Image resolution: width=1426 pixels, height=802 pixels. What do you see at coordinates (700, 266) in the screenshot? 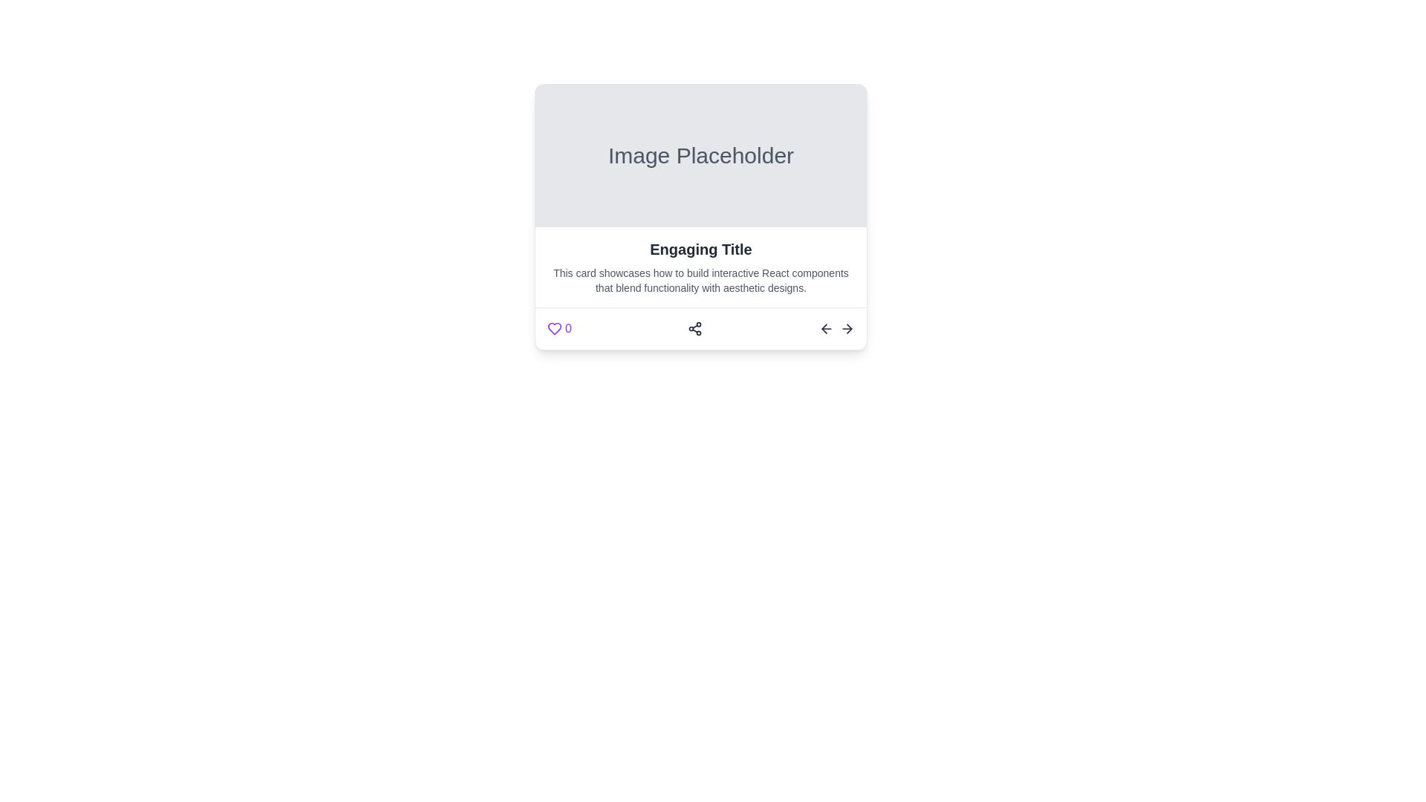
I see `the text block that contains a title and description, located below the placeholder image within the card component` at bounding box center [700, 266].